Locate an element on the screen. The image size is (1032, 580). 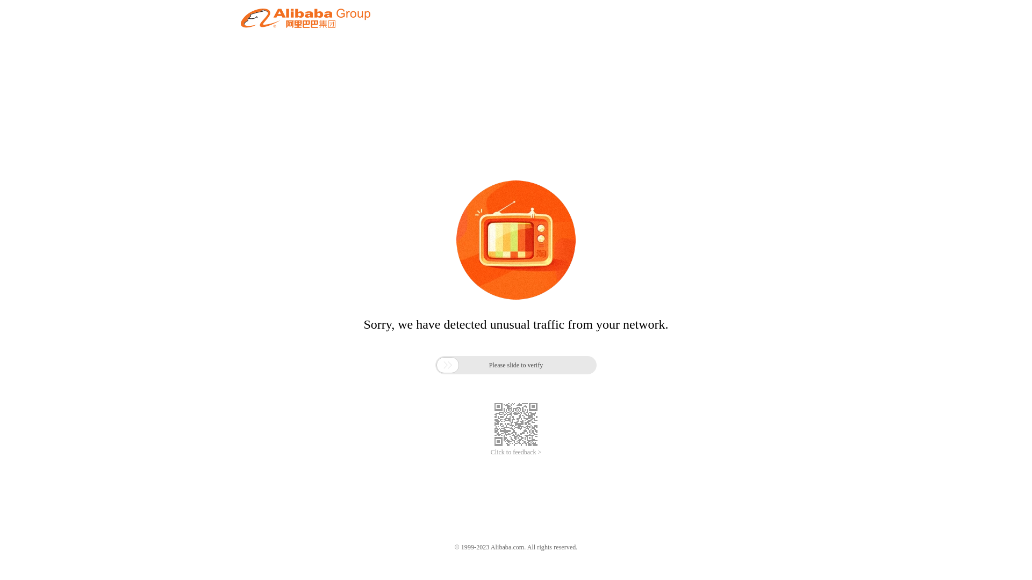
'Click to feedback >' is located at coordinates (516, 452).